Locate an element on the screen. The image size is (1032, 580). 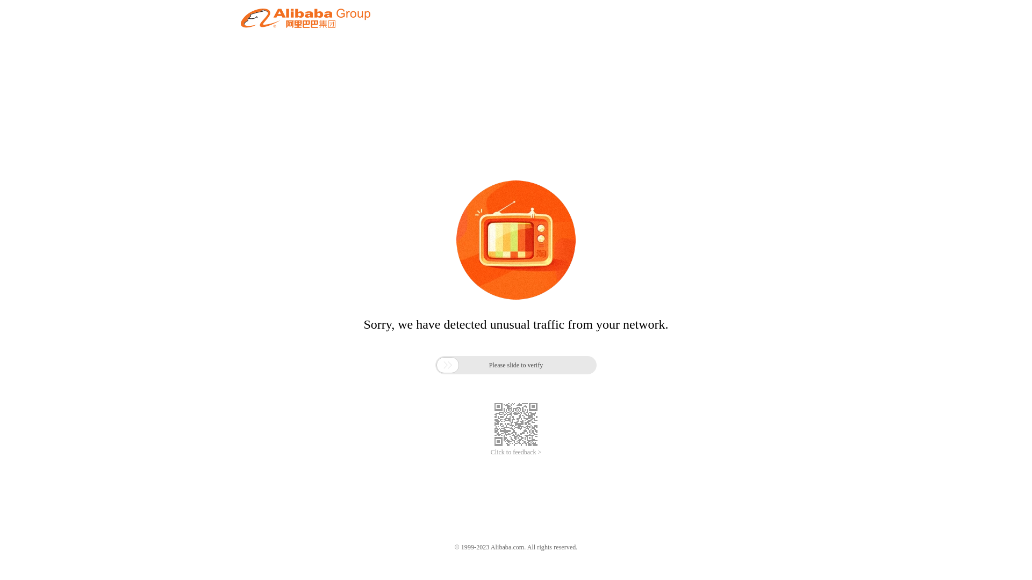
'Click to feedback >' is located at coordinates (516, 452).